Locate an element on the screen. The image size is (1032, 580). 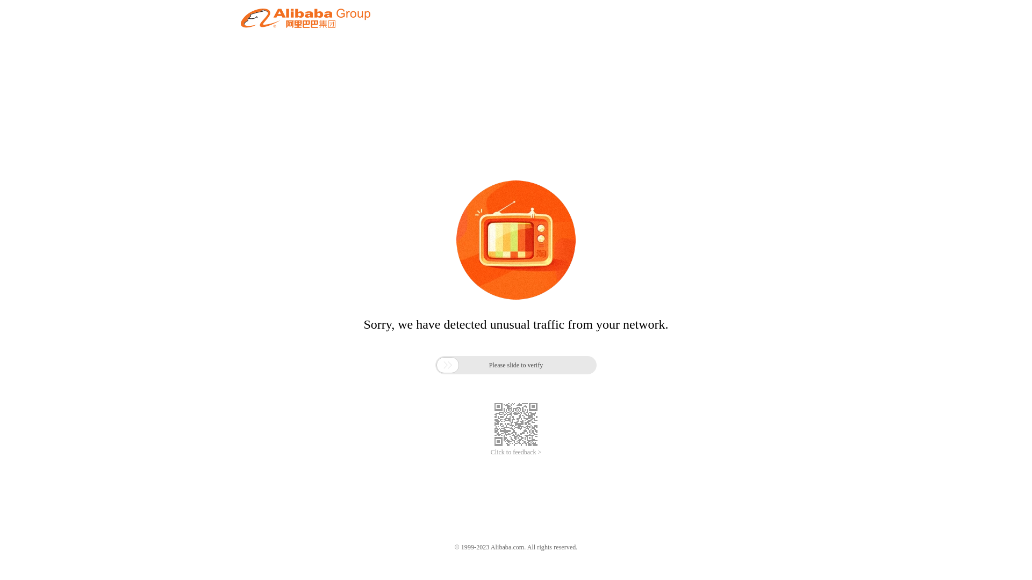
'Click to feedback >' is located at coordinates (516, 452).